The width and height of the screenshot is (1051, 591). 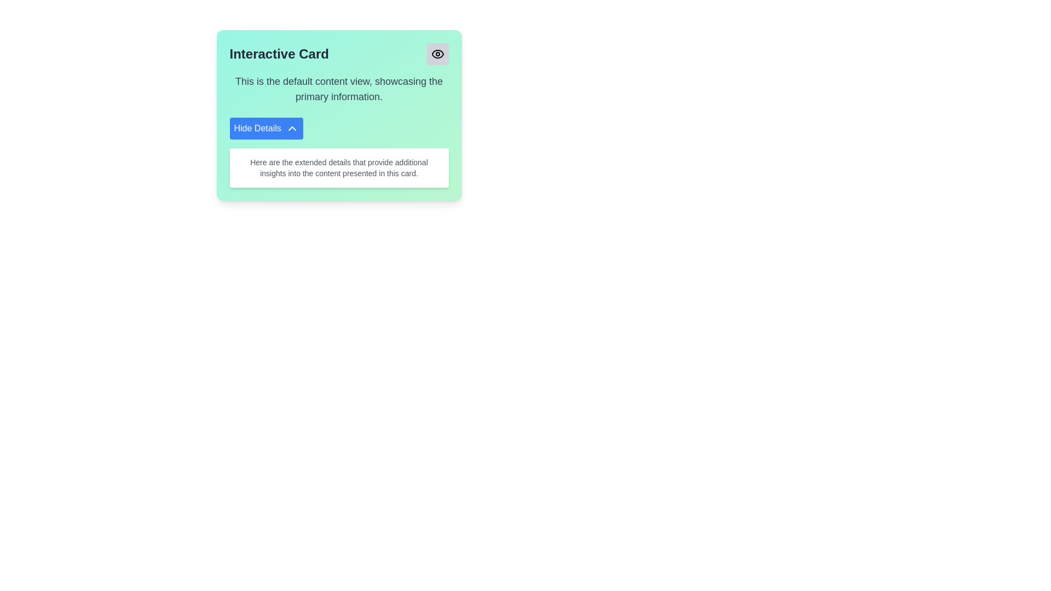 I want to click on the rectangular button with a blue background and white text 'Hide Details', so click(x=266, y=128).